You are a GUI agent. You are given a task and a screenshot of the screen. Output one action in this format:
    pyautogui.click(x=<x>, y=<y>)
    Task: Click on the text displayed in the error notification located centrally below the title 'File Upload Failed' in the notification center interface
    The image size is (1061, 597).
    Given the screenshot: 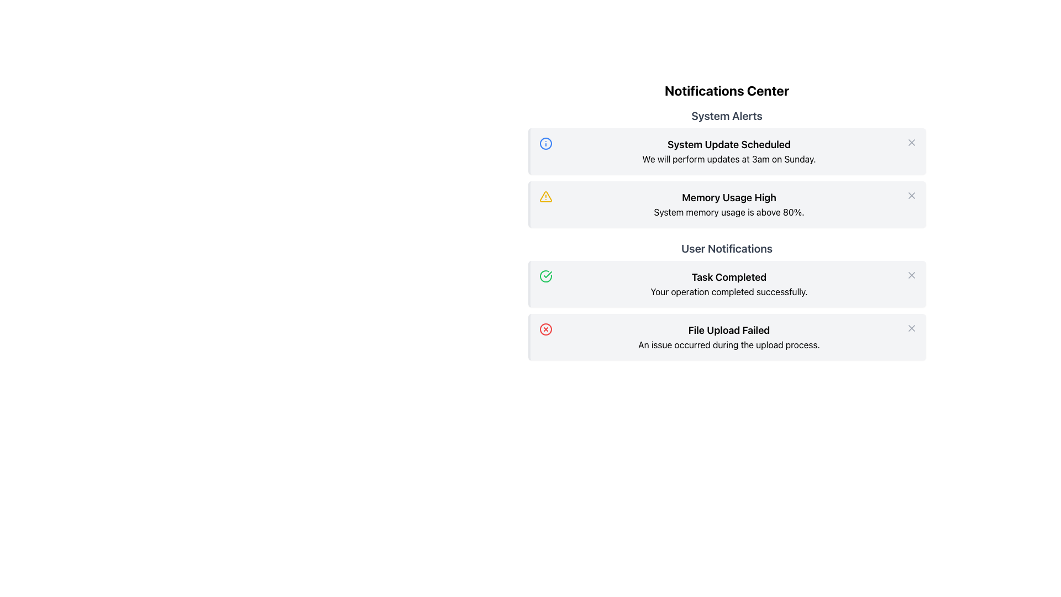 What is the action you would take?
    pyautogui.click(x=729, y=344)
    